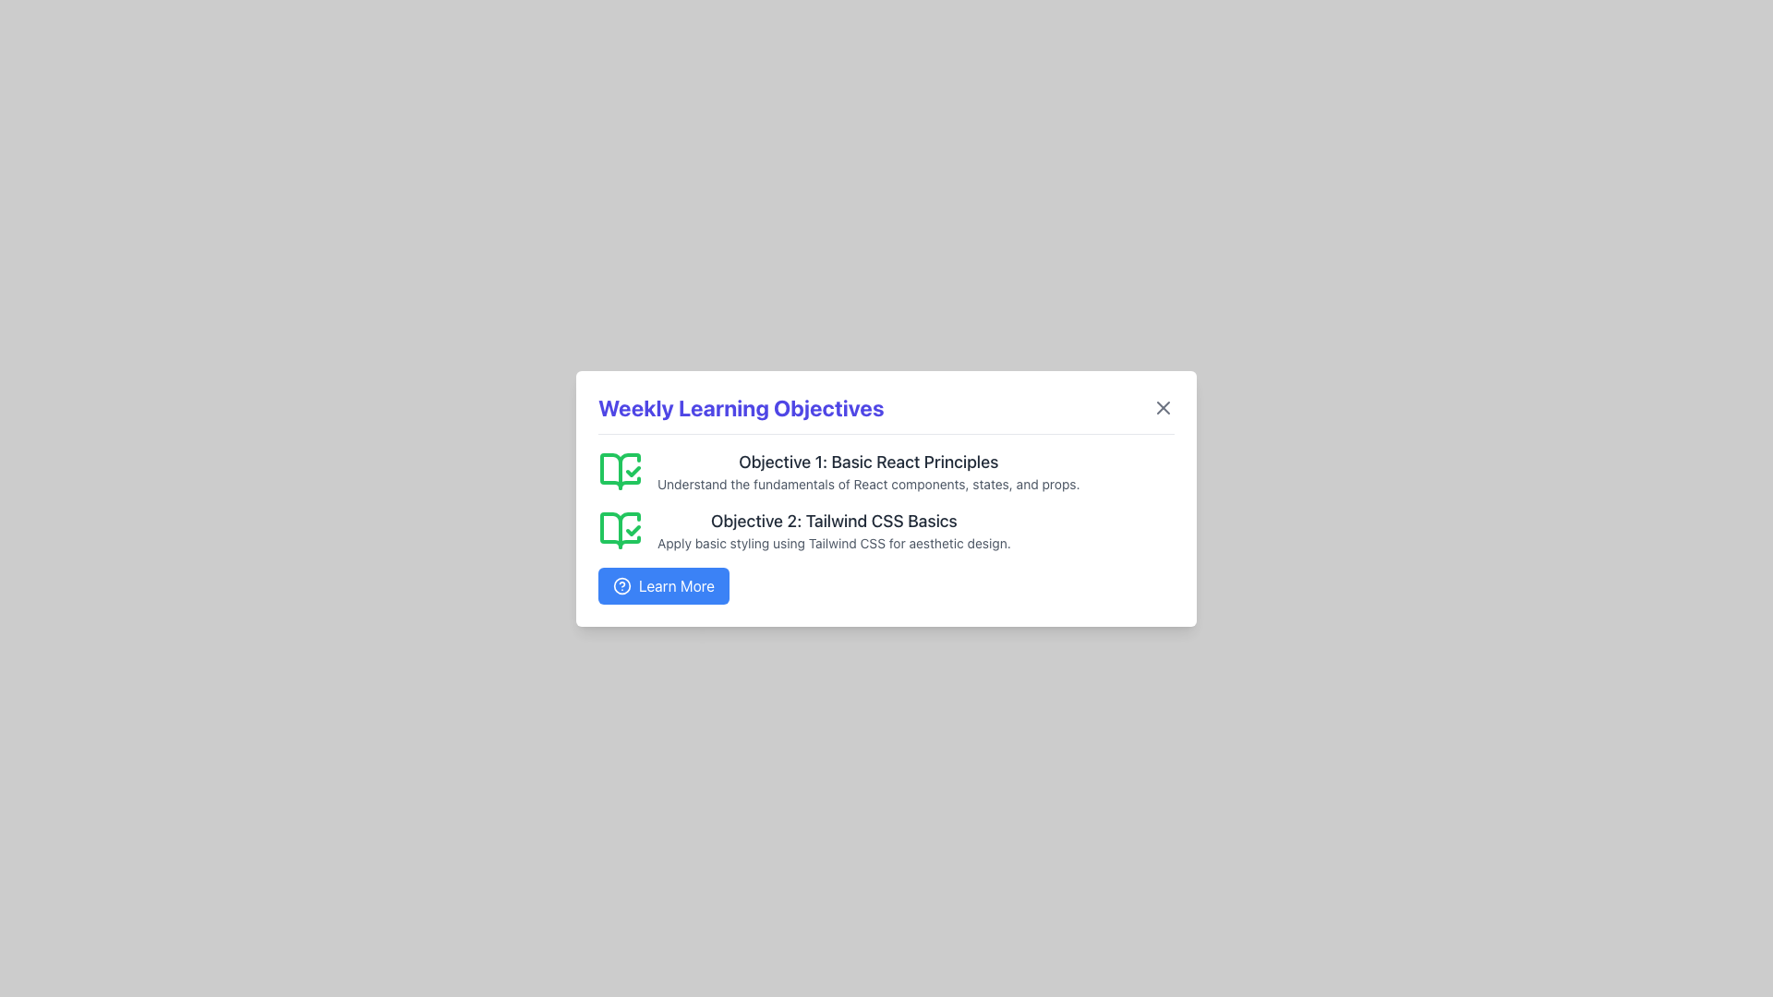  What do you see at coordinates (621, 585) in the screenshot?
I see `the SVG circle graphic located in the top-right corner of the 'Weekly Learning Objectives' modal dialog` at bounding box center [621, 585].